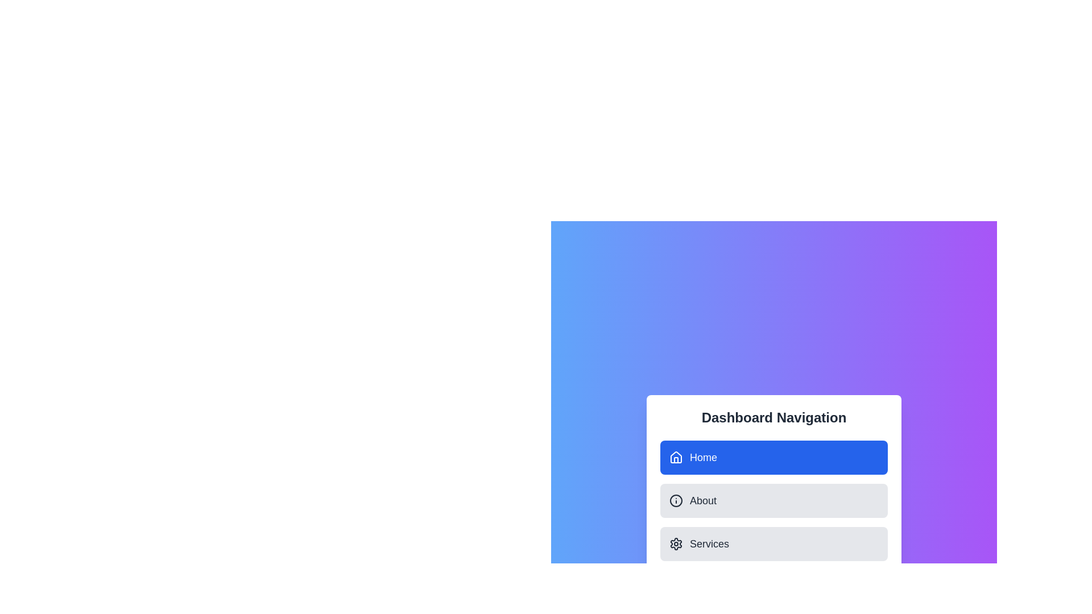  What do you see at coordinates (676, 500) in the screenshot?
I see `the information icon in the 'About' section of the vertical navigation menu for interaction` at bounding box center [676, 500].